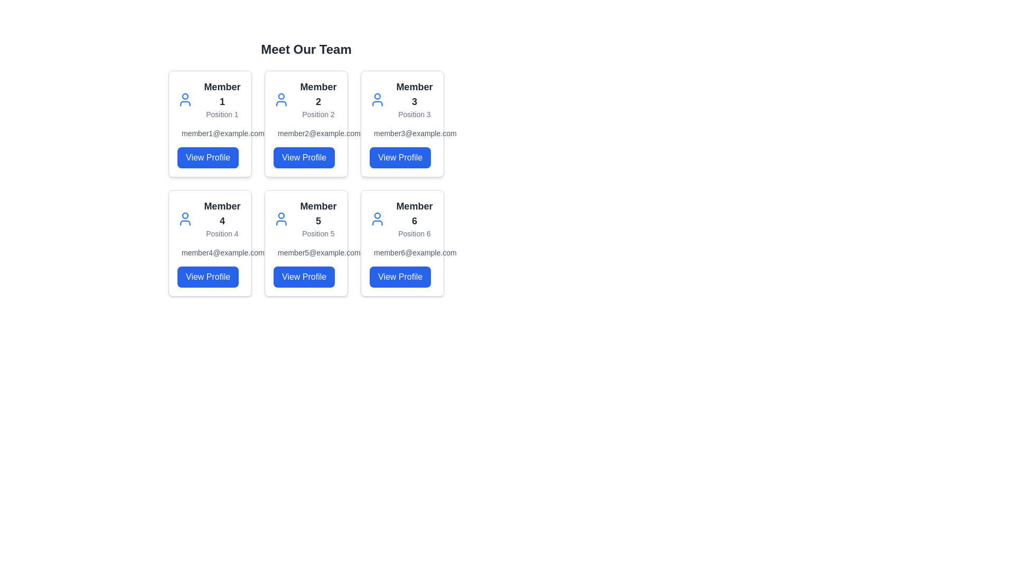 This screenshot has height=570, width=1014. Describe the element at coordinates (221, 218) in the screenshot. I see `the 'Member 4' text element, which is in the second row, first column of a member grid under the 'Meet Our Team' title` at that location.